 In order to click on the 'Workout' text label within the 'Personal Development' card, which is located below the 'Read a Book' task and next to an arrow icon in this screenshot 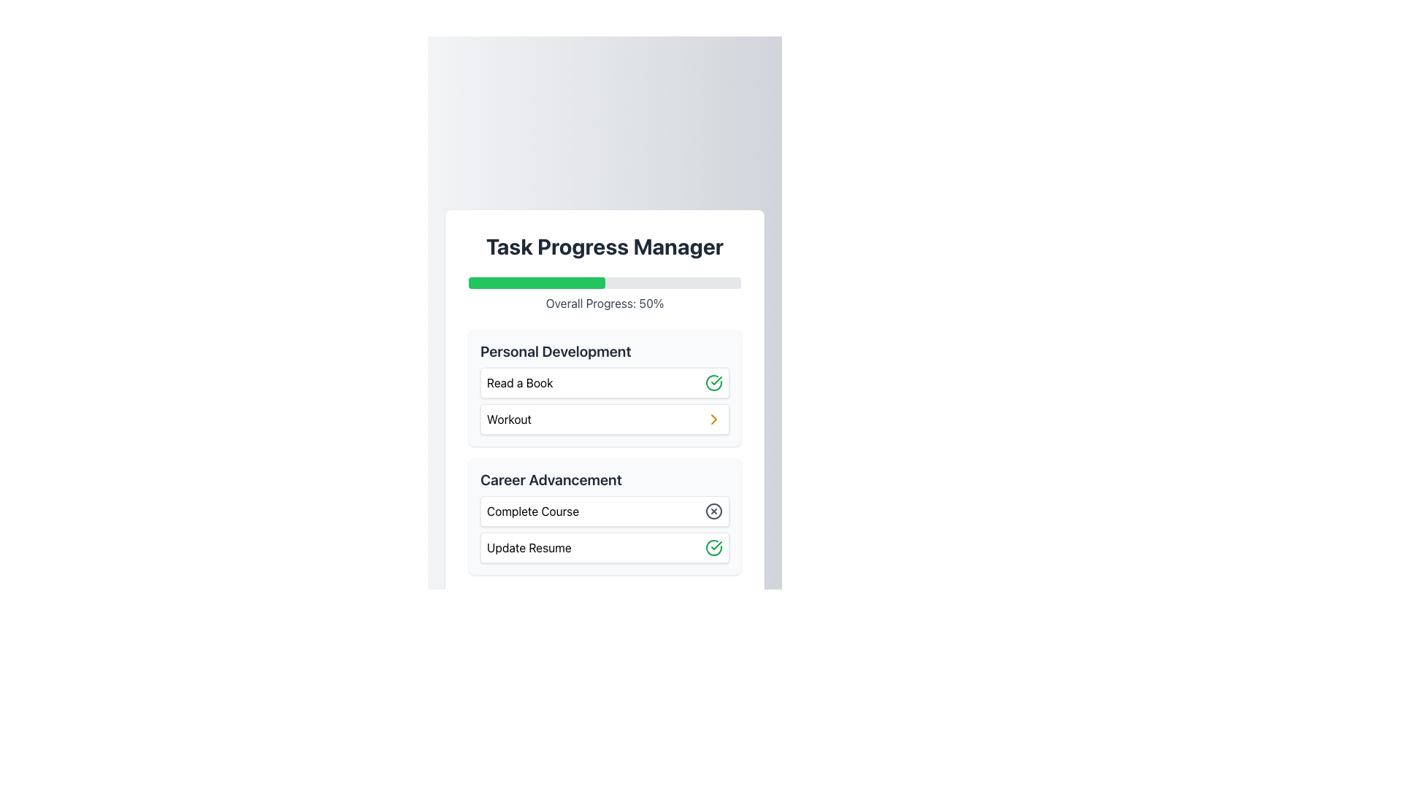, I will do `click(509, 419)`.